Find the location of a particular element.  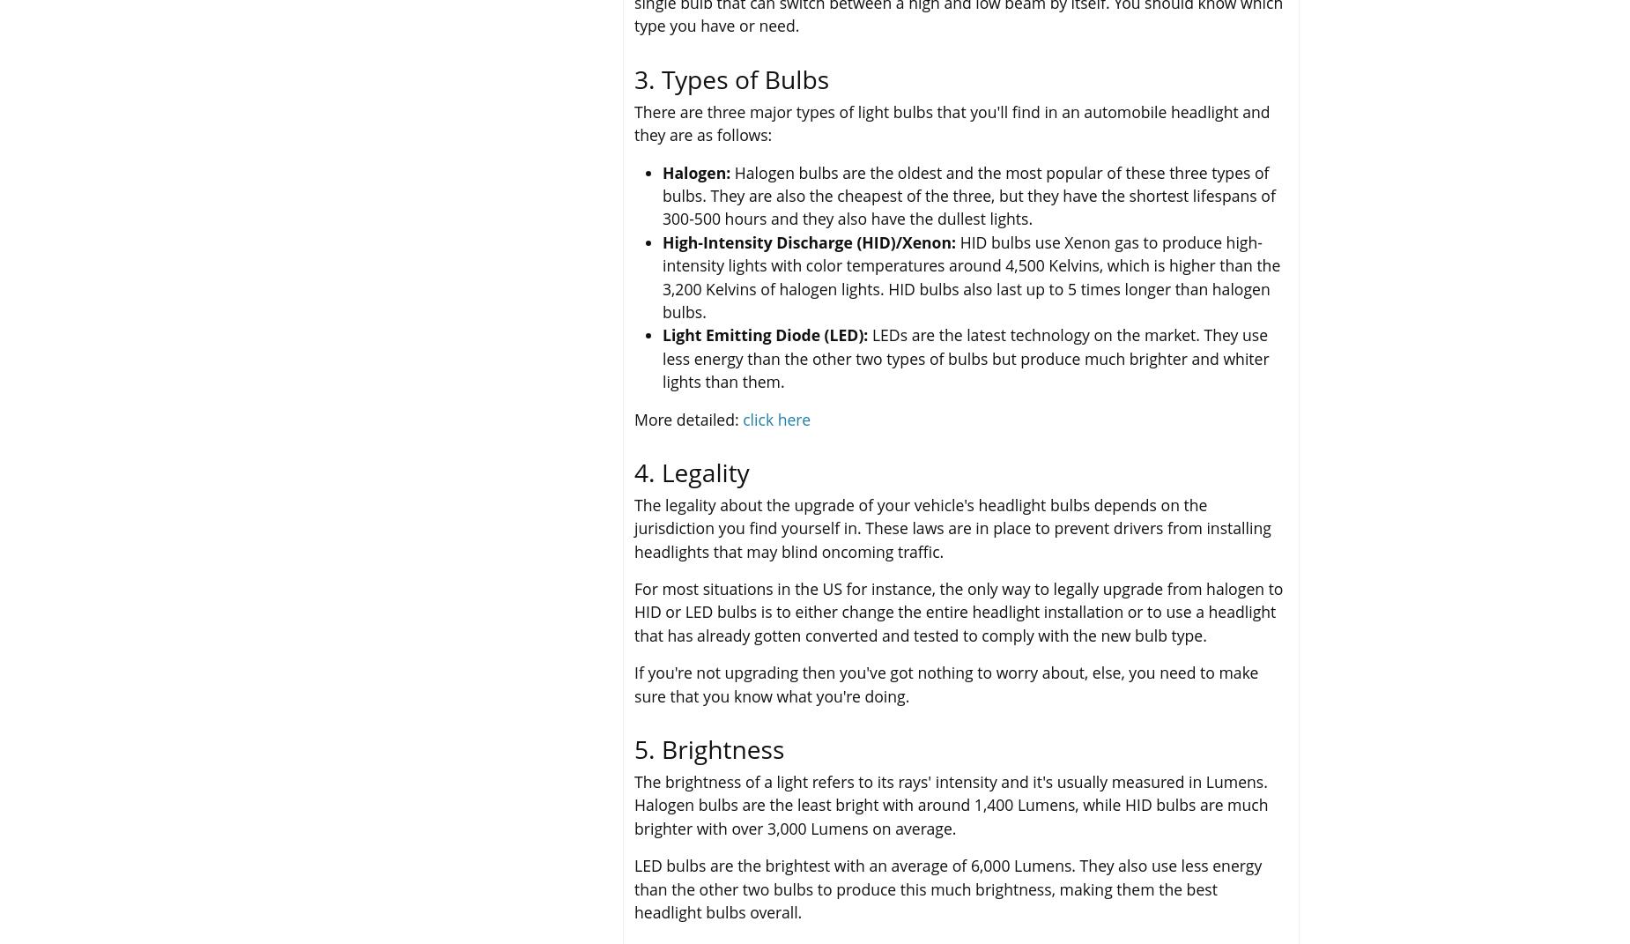

'The legality about the upgrade of your vehicle's headlight bulbs depends on the jurisdiction you find yourself in. These laws are in place to prevent drivers from installing headlights that may blind oncoming traffic.' is located at coordinates (951, 527).